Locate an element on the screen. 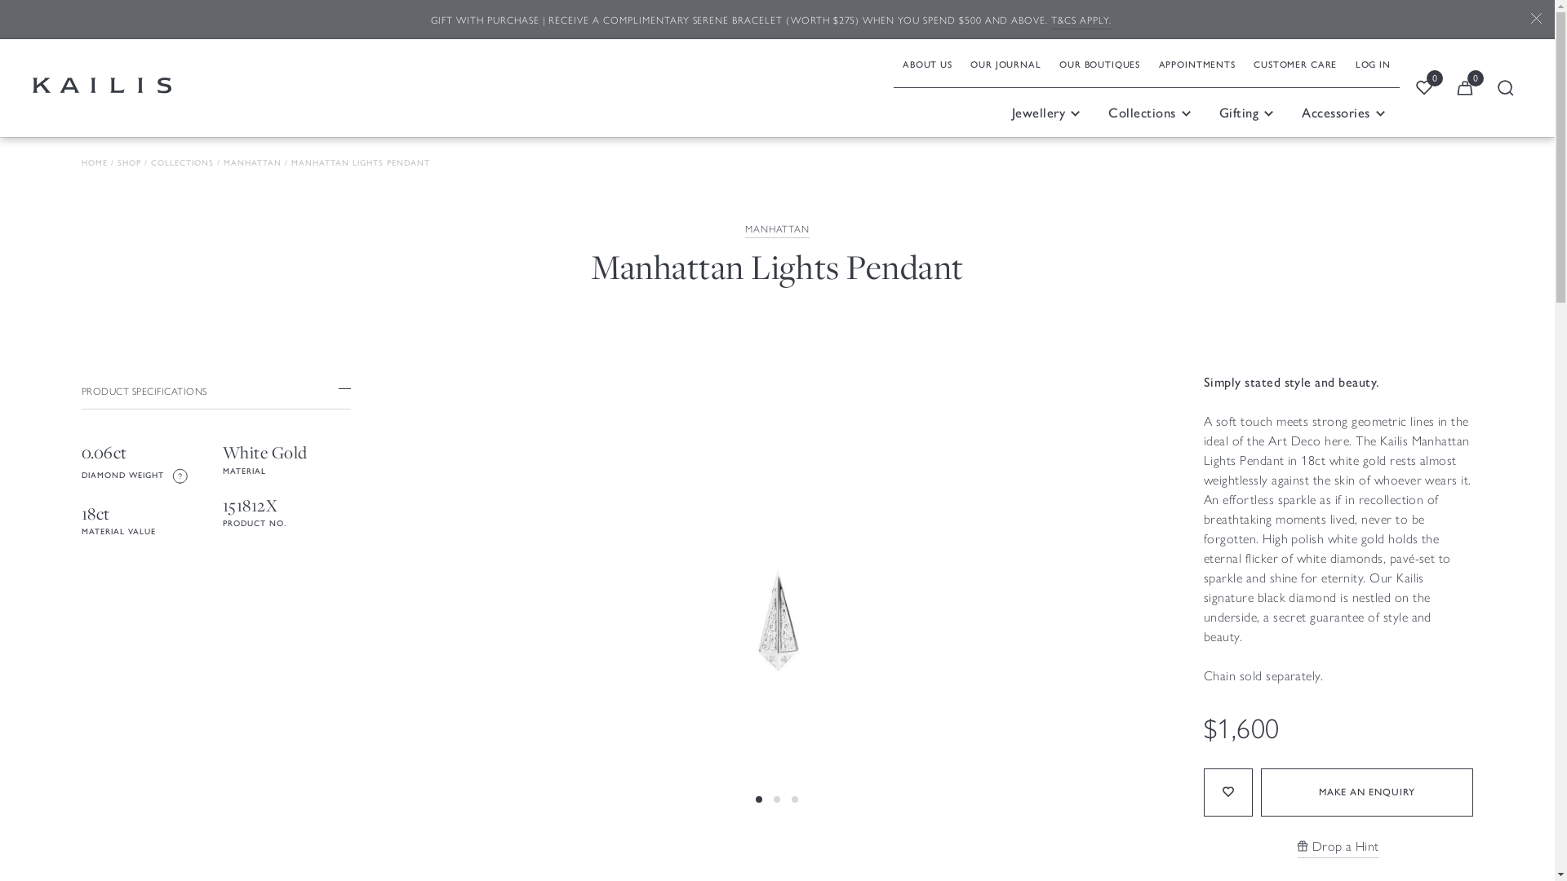 The height and width of the screenshot is (881, 1567). 'OPEN CART is located at coordinates (1465, 88).